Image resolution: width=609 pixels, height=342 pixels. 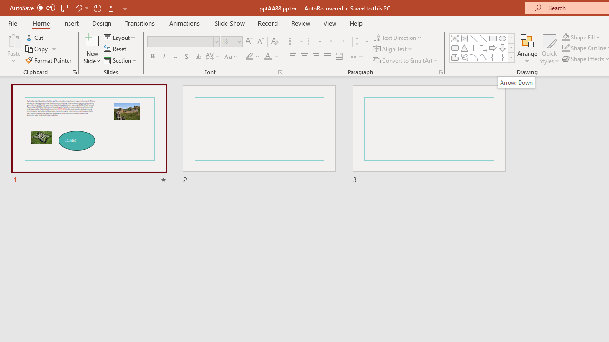 What do you see at coordinates (49, 60) in the screenshot?
I see `'Format Painter'` at bounding box center [49, 60].